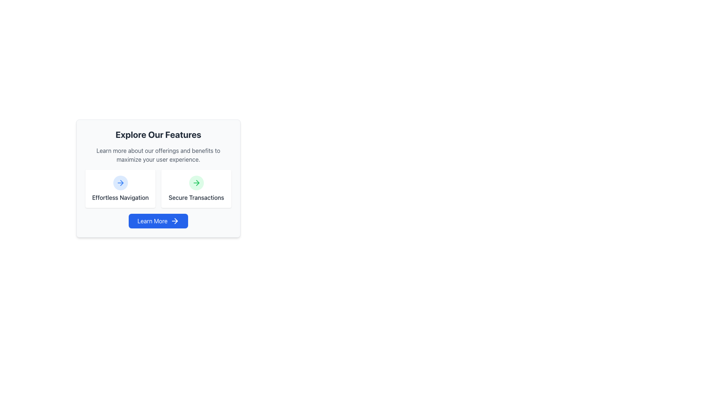 Image resolution: width=704 pixels, height=396 pixels. What do you see at coordinates (121, 182) in the screenshot?
I see `the arrow-shaped SVG graphic component located at the right side of the 'Learn More' button at the bottom of the information card` at bounding box center [121, 182].